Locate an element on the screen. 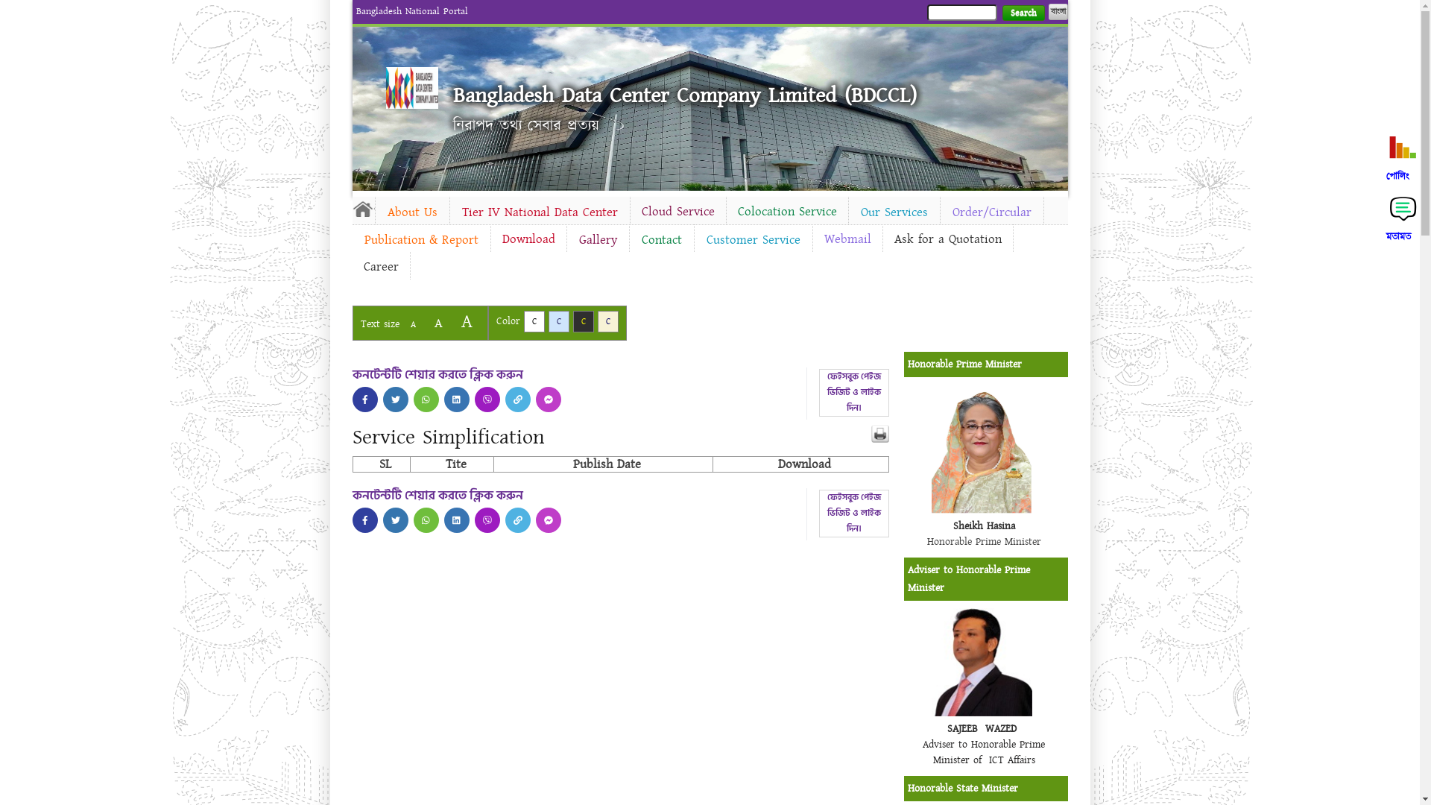 The width and height of the screenshot is (1431, 805). 'Search' is located at coordinates (1022, 13).